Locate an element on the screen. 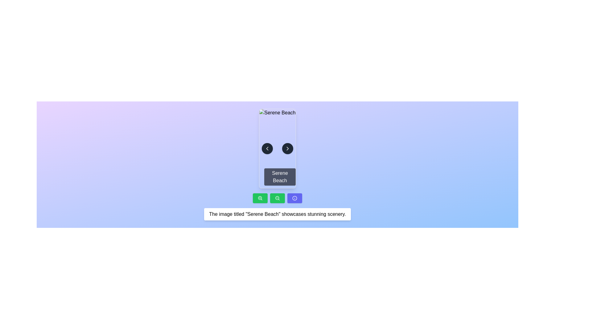  the circular 'info' icon with an outlined design, centrally aligned within its dark indigo button, located at the bottom-right of the interface is located at coordinates (294, 198).